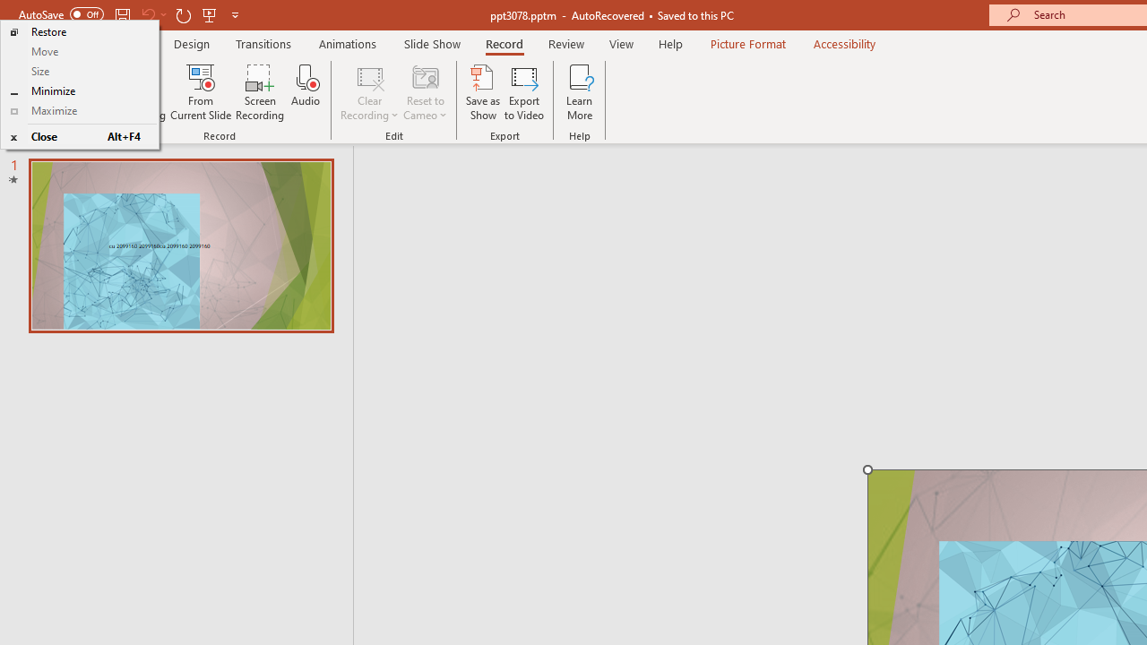  I want to click on 'Size', so click(78, 70).